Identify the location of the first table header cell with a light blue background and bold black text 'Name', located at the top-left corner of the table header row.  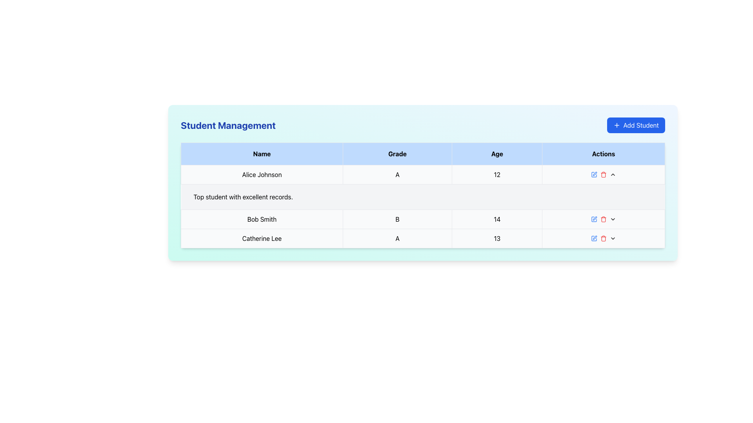
(262, 154).